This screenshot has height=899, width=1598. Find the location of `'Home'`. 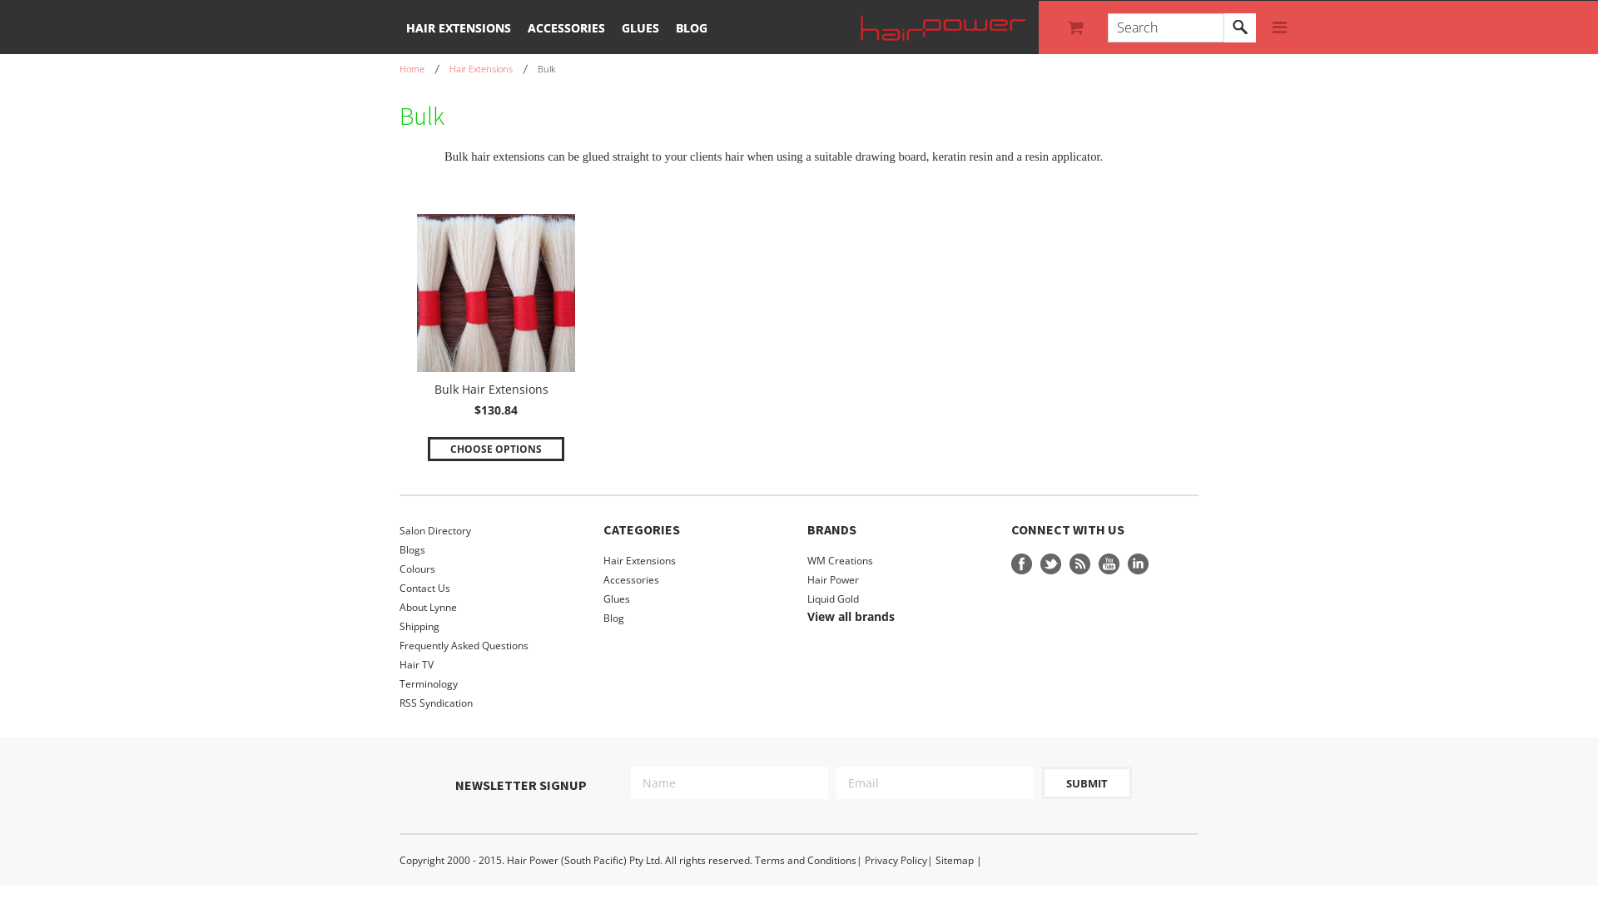

'Home' is located at coordinates (419, 67).